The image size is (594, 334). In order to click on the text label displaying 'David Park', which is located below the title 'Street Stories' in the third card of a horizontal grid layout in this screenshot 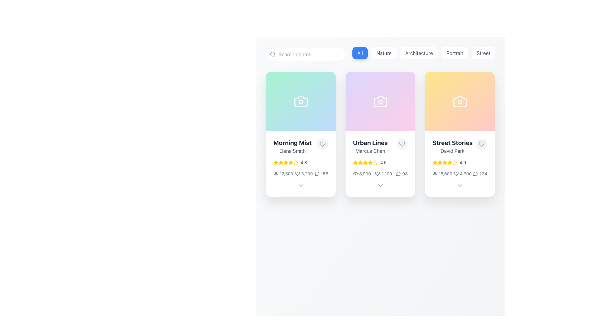, I will do `click(452, 151)`.